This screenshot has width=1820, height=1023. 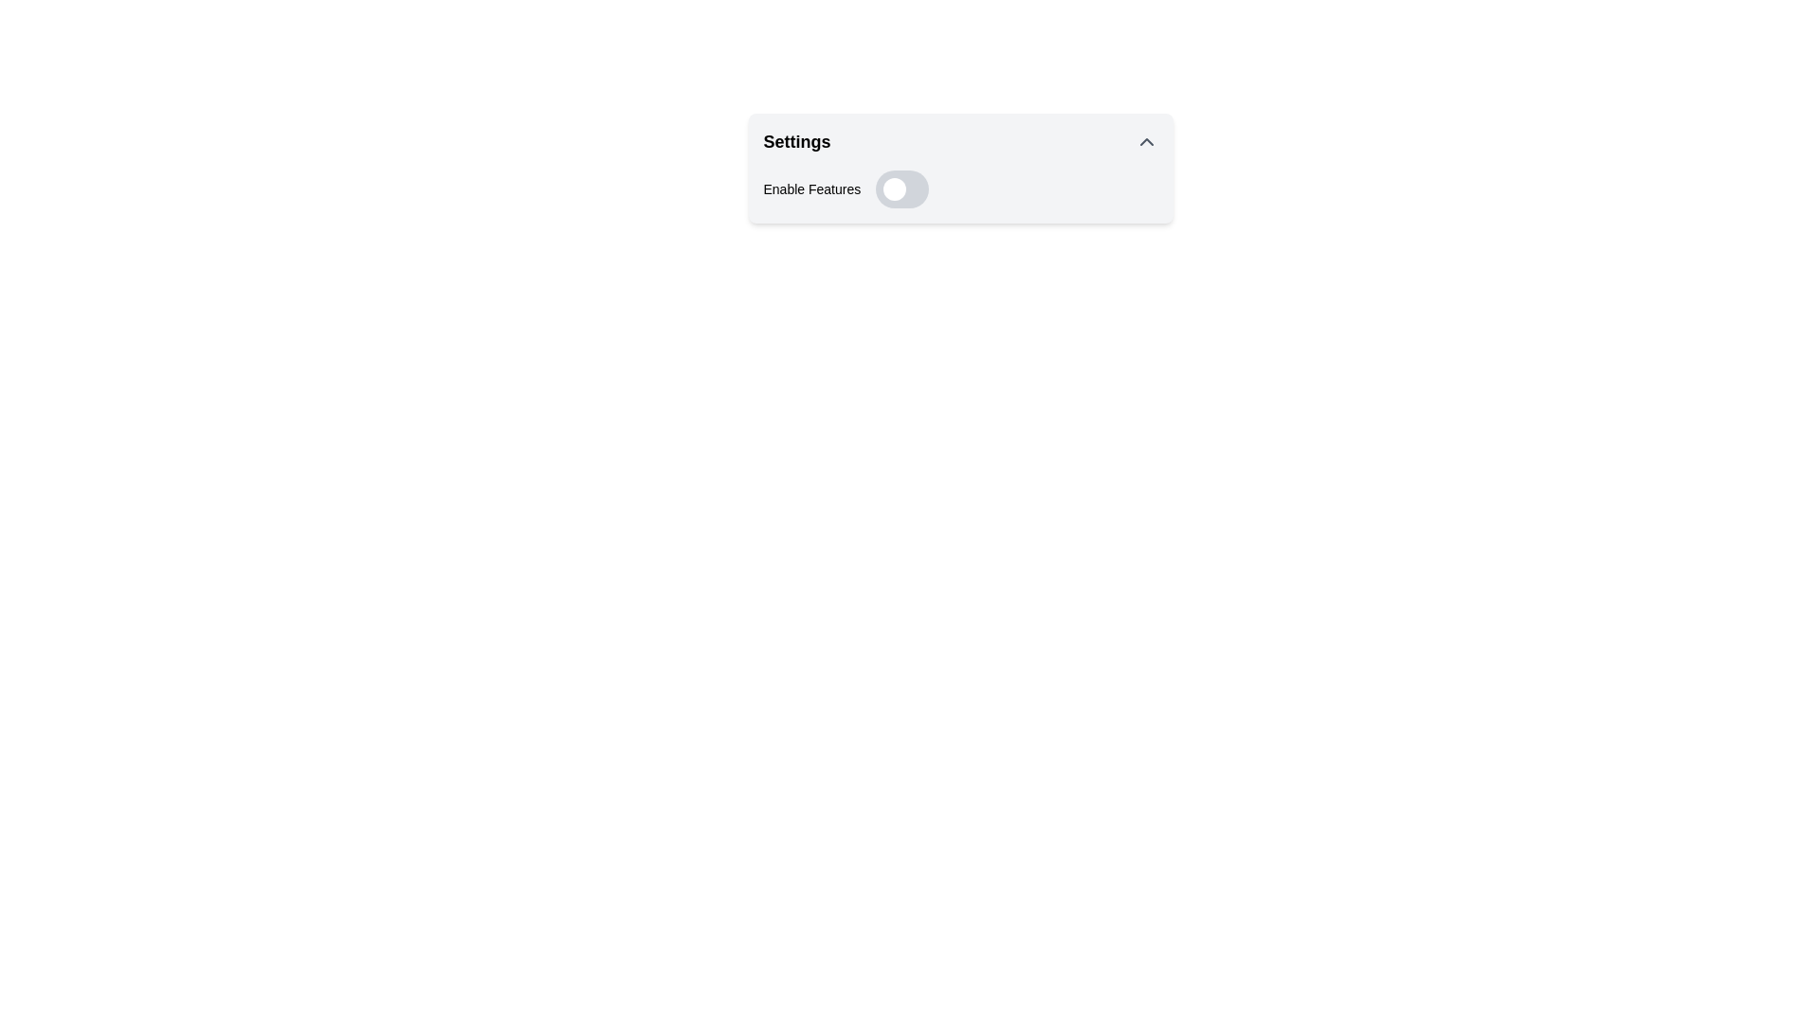 What do you see at coordinates (1145, 141) in the screenshot?
I see `the chevron-up icon located on the right side of the 'Settings' section` at bounding box center [1145, 141].